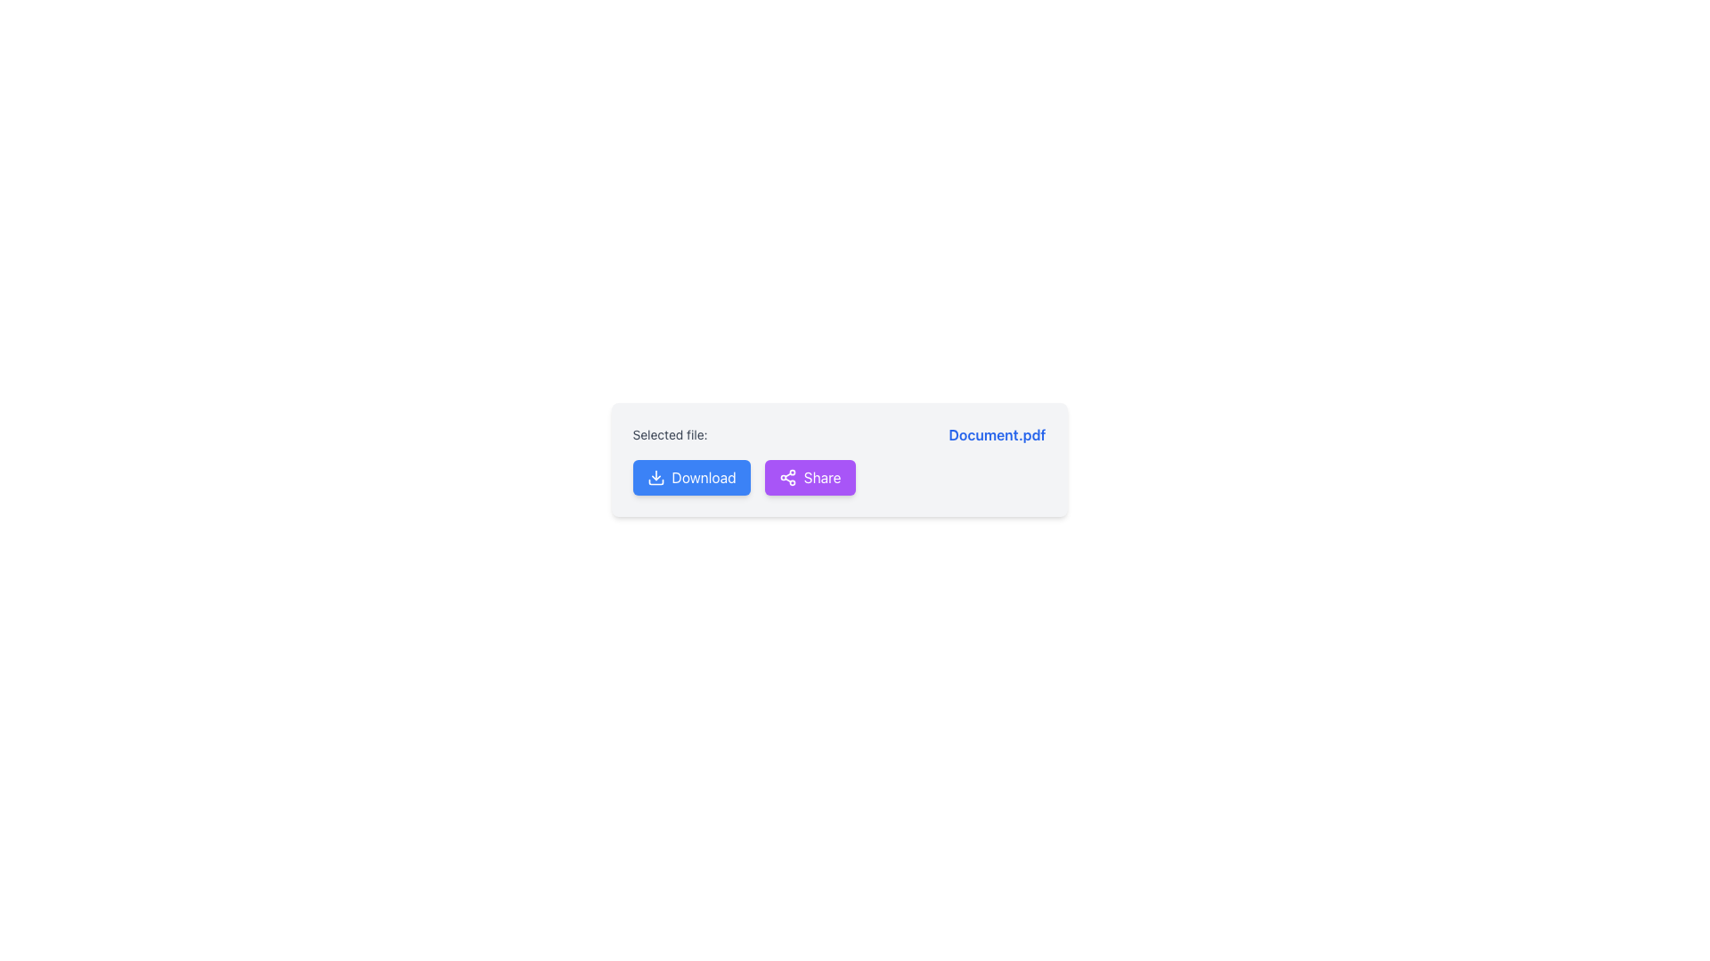 This screenshot has height=961, width=1710. I want to click on the purple 'Share' button with rounded corners, labeled 'Share' in white, to initiate sharing, so click(838, 458).